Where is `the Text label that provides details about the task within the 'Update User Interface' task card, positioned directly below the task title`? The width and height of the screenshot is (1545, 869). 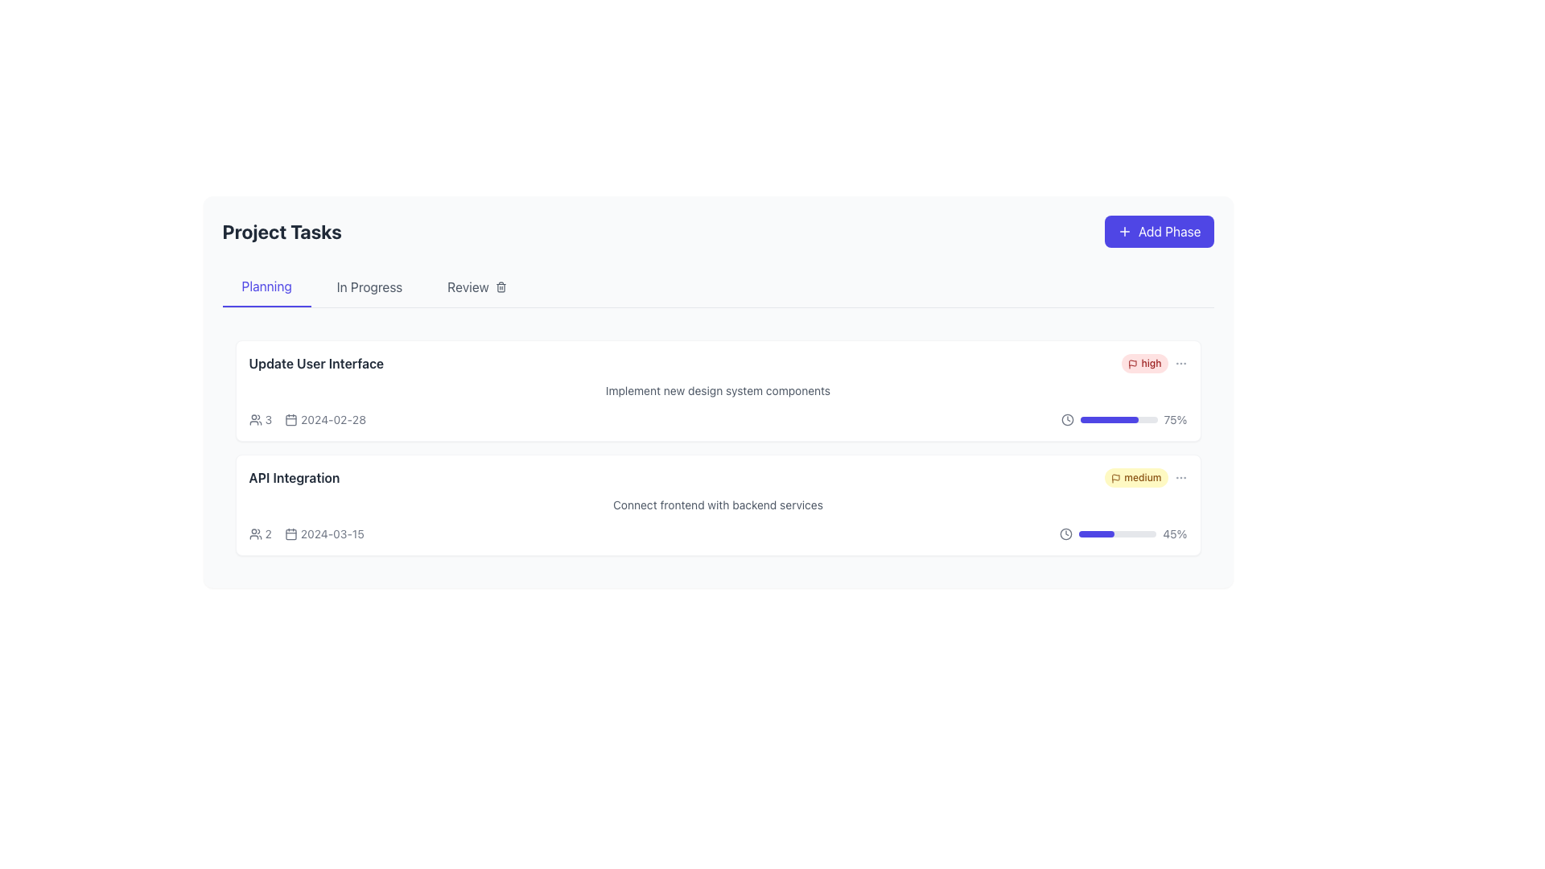 the Text label that provides details about the task within the 'Update User Interface' task card, positioned directly below the task title is located at coordinates (717, 391).